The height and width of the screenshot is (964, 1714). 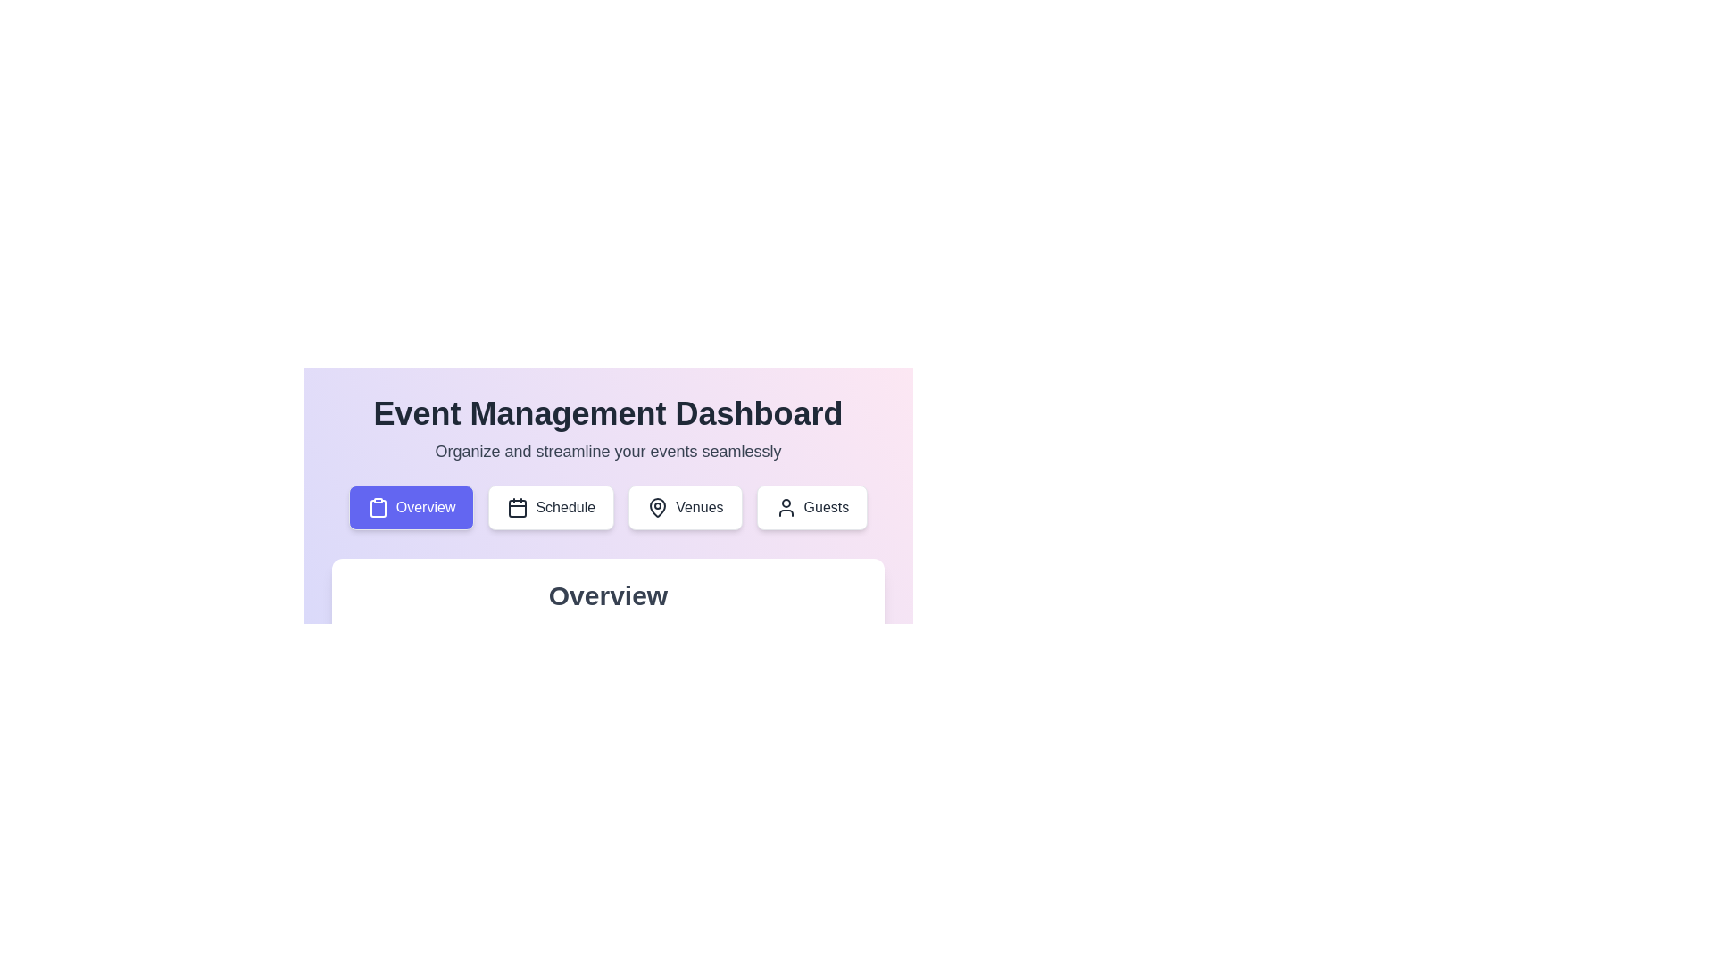 What do you see at coordinates (411, 508) in the screenshot?
I see `the Overview tab by clicking on its button` at bounding box center [411, 508].